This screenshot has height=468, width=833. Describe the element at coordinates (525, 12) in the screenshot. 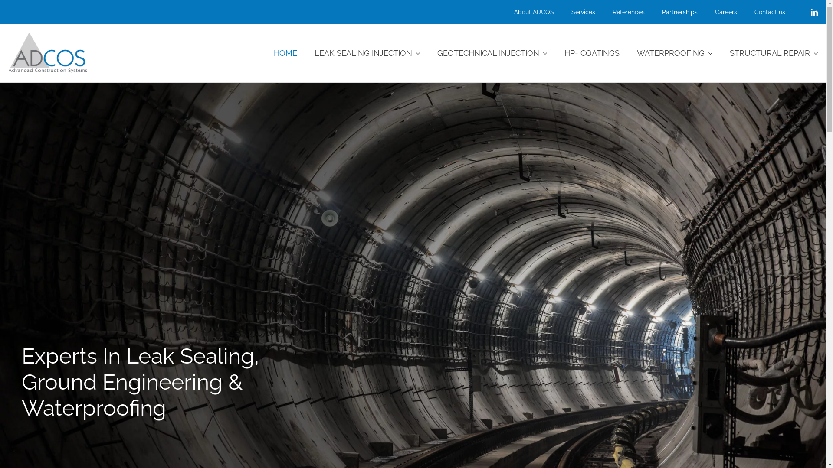

I see `'About ADCOS'` at that location.